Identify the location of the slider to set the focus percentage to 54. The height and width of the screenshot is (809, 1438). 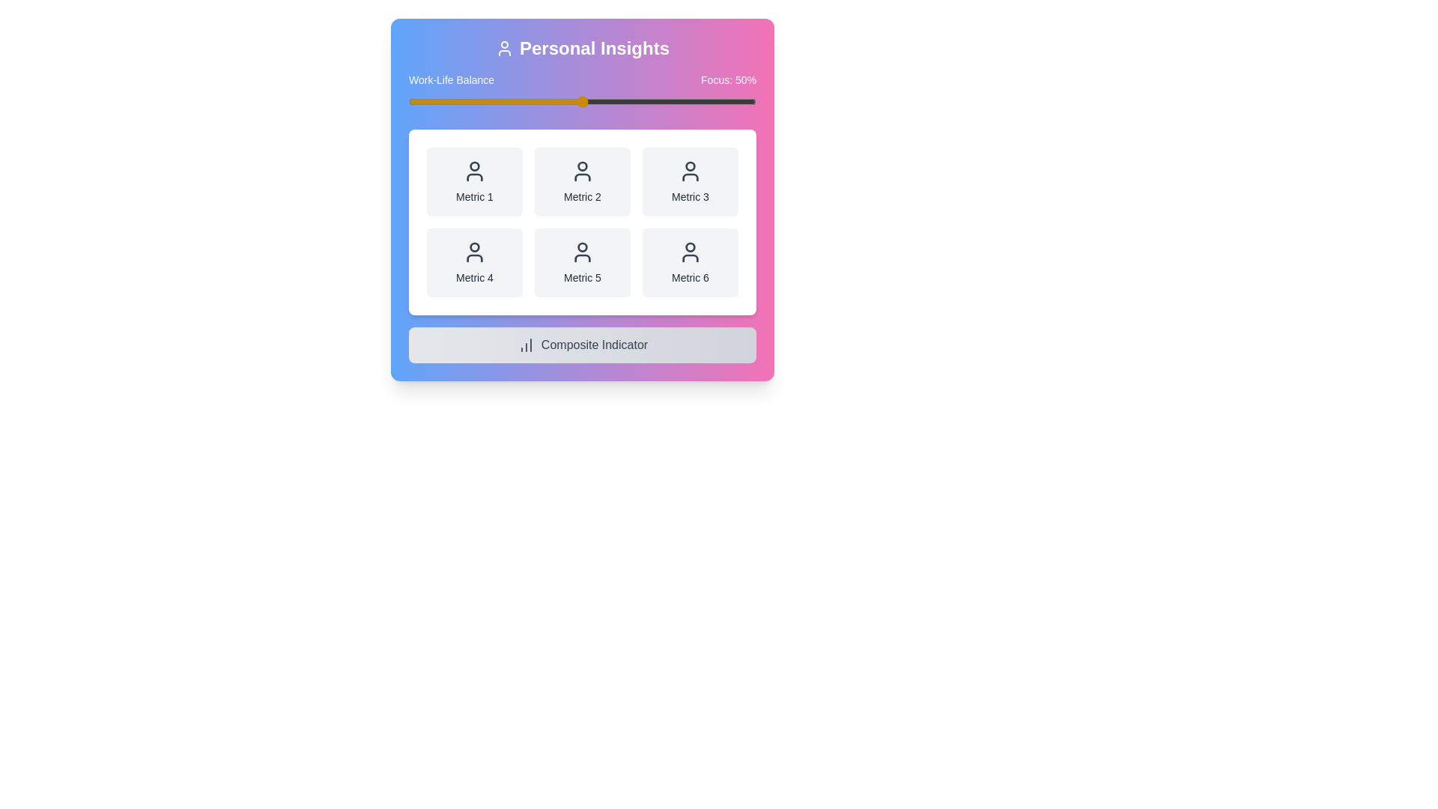
(595, 101).